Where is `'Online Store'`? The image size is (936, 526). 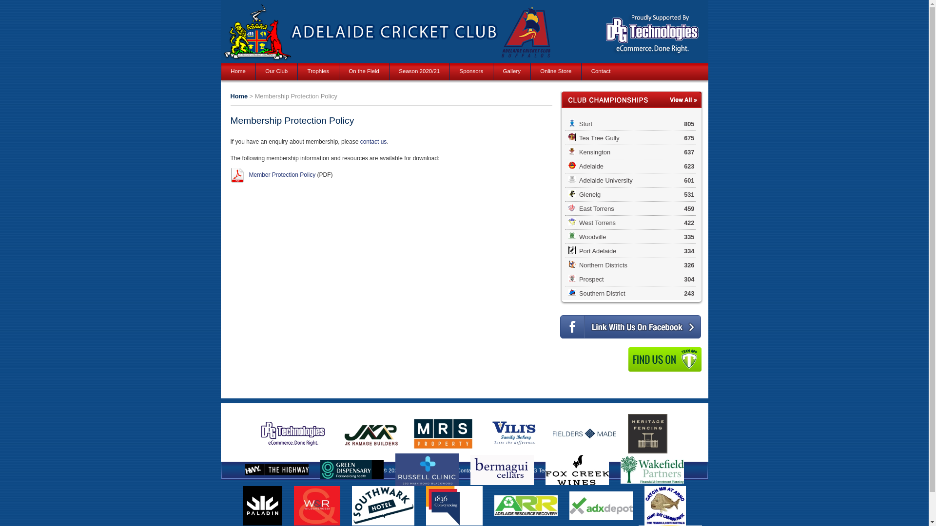
'Online Store' is located at coordinates (556, 71).